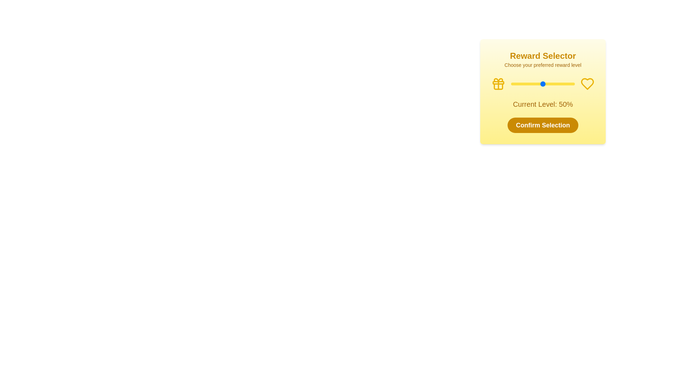 The image size is (673, 378). Describe the element at coordinates (554, 83) in the screenshot. I see `the reward level` at that location.